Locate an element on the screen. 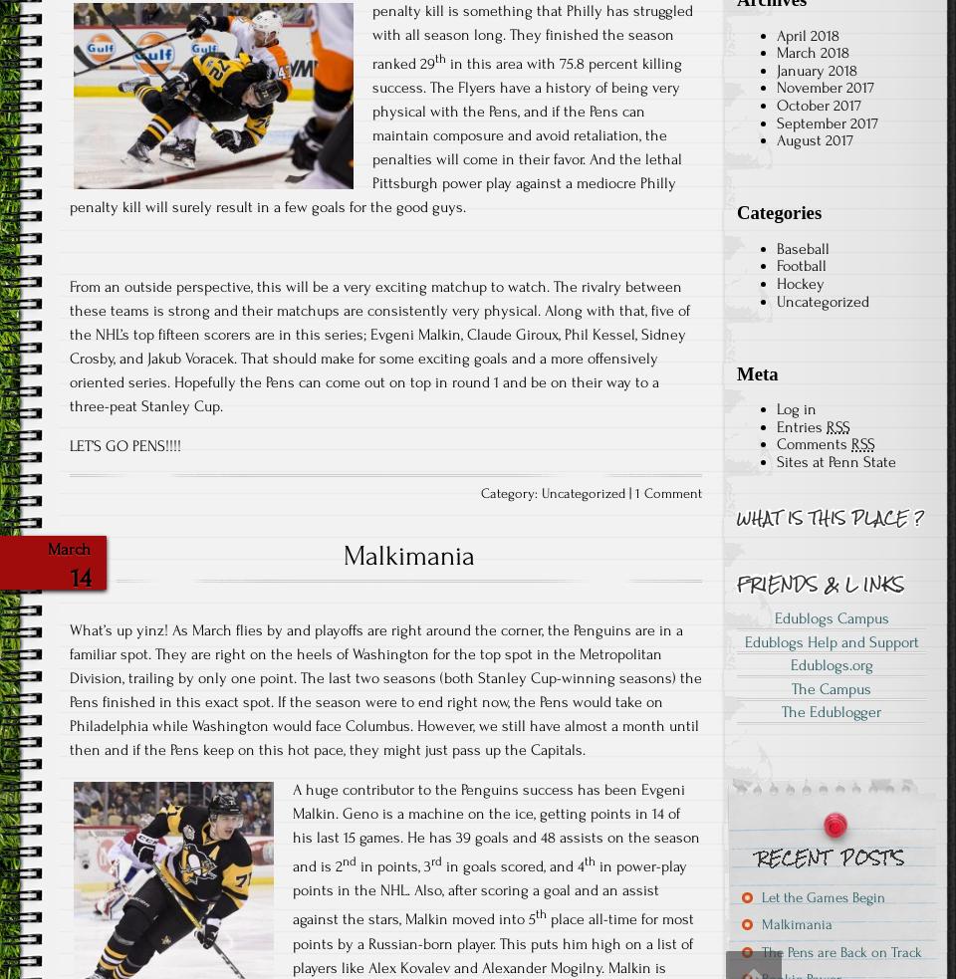 Image resolution: width=956 pixels, height=979 pixels. 'Log in' is located at coordinates (776, 407).